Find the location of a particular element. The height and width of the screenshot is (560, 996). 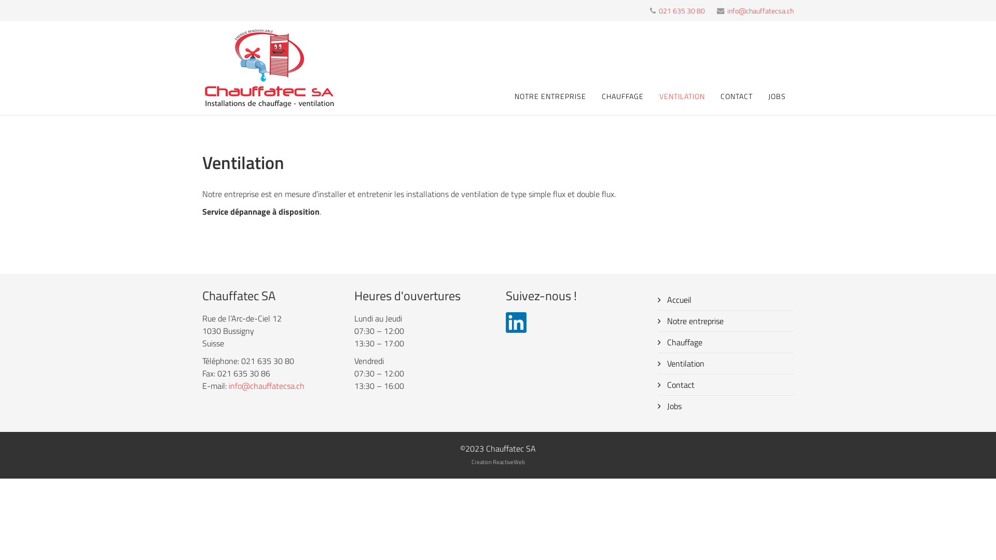

'Notre entreprise' is located at coordinates (725, 320).